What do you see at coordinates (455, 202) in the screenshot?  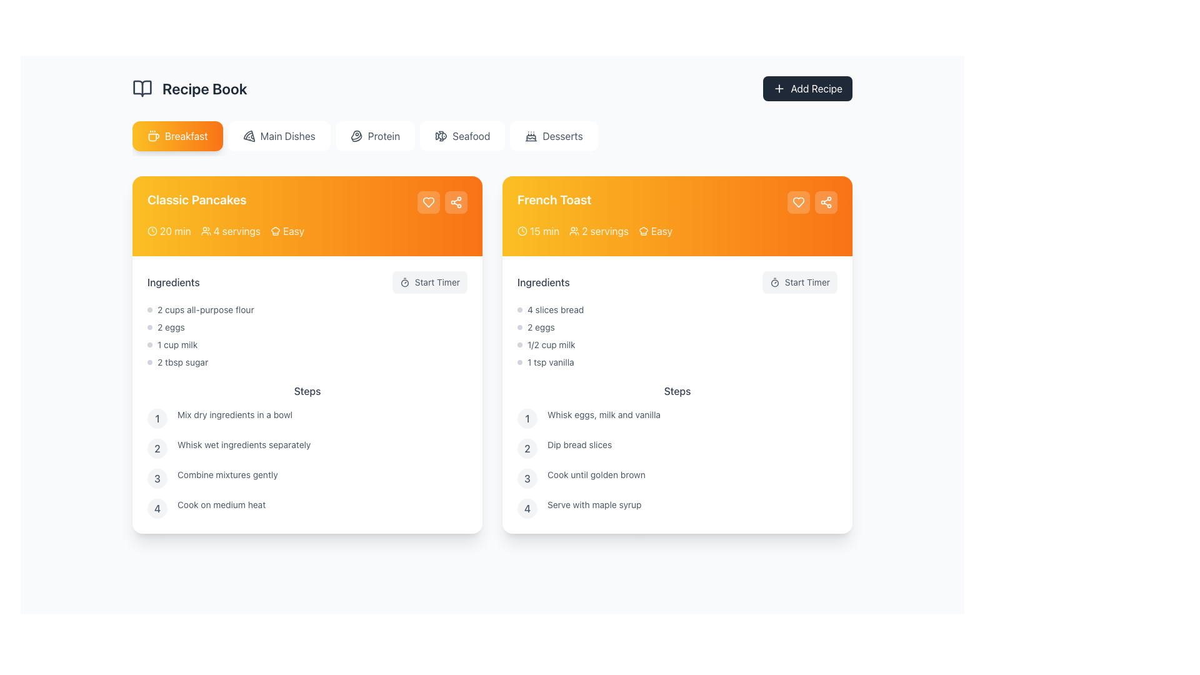 I see `the share icon, which is the rightmost icon in the header section of the 'French Toast' card, styled in white against an orange background` at bounding box center [455, 202].